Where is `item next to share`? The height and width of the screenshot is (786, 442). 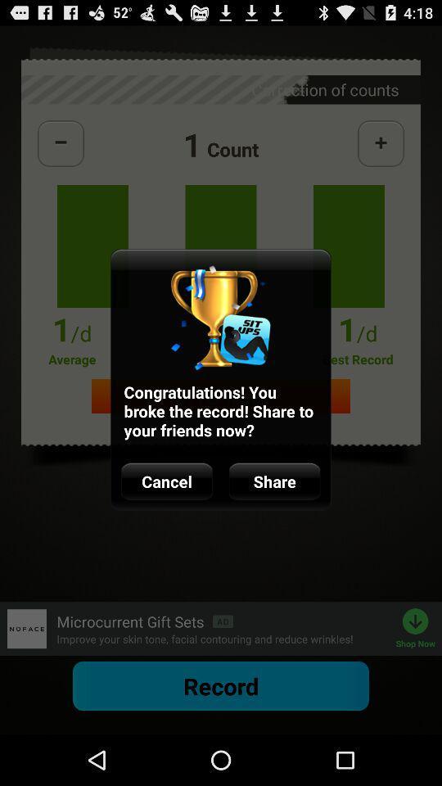
item next to share is located at coordinates (166, 481).